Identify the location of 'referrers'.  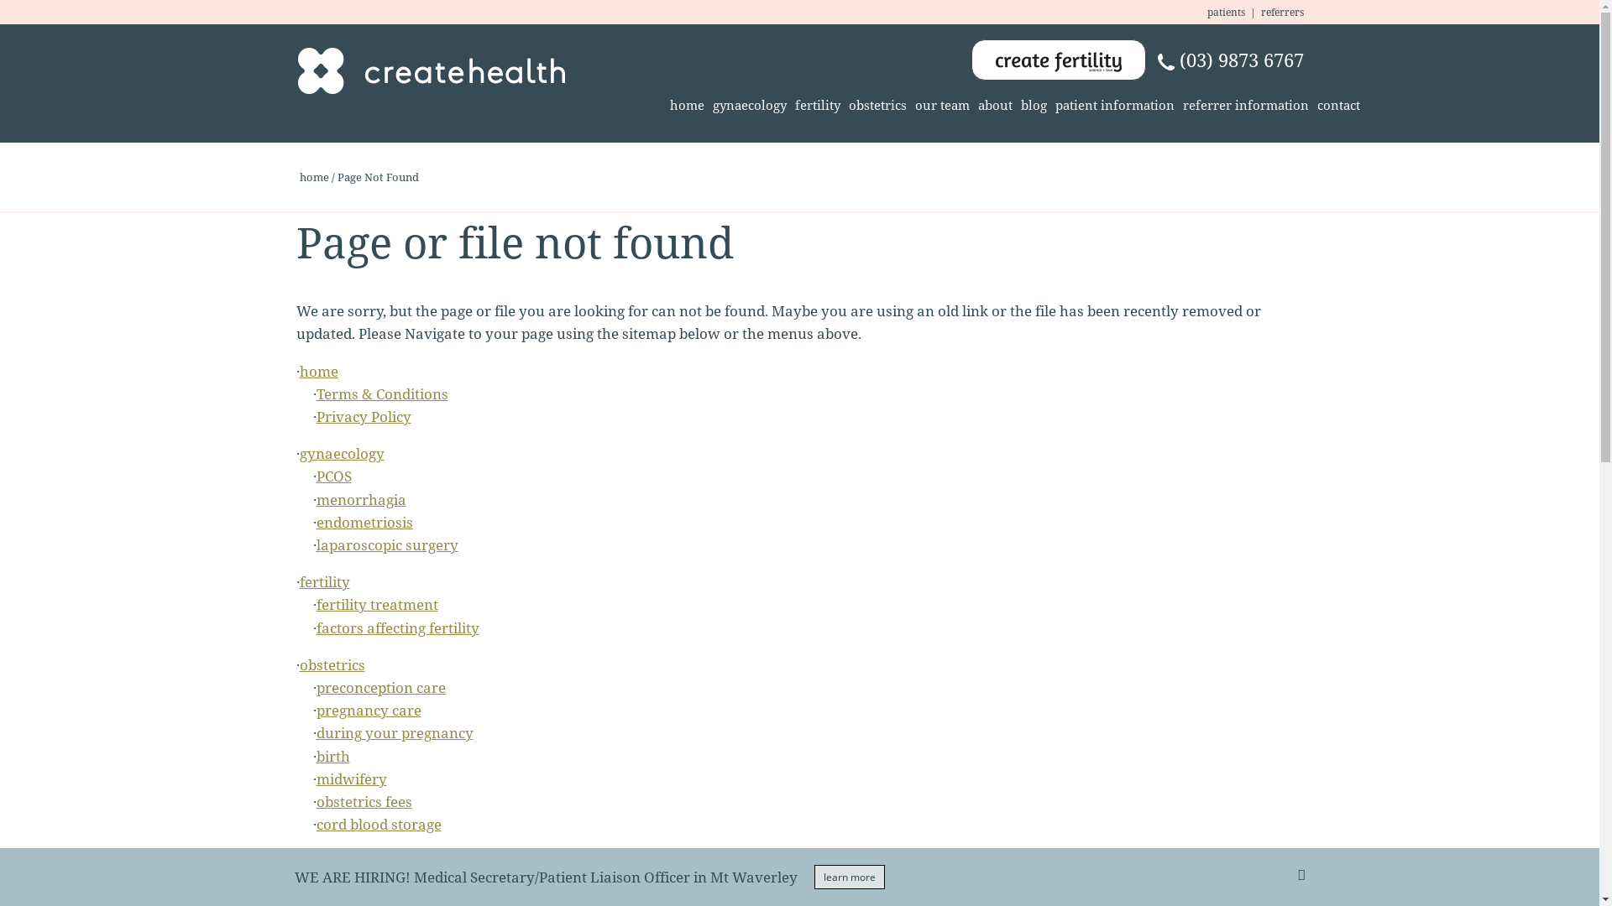
(1281, 12).